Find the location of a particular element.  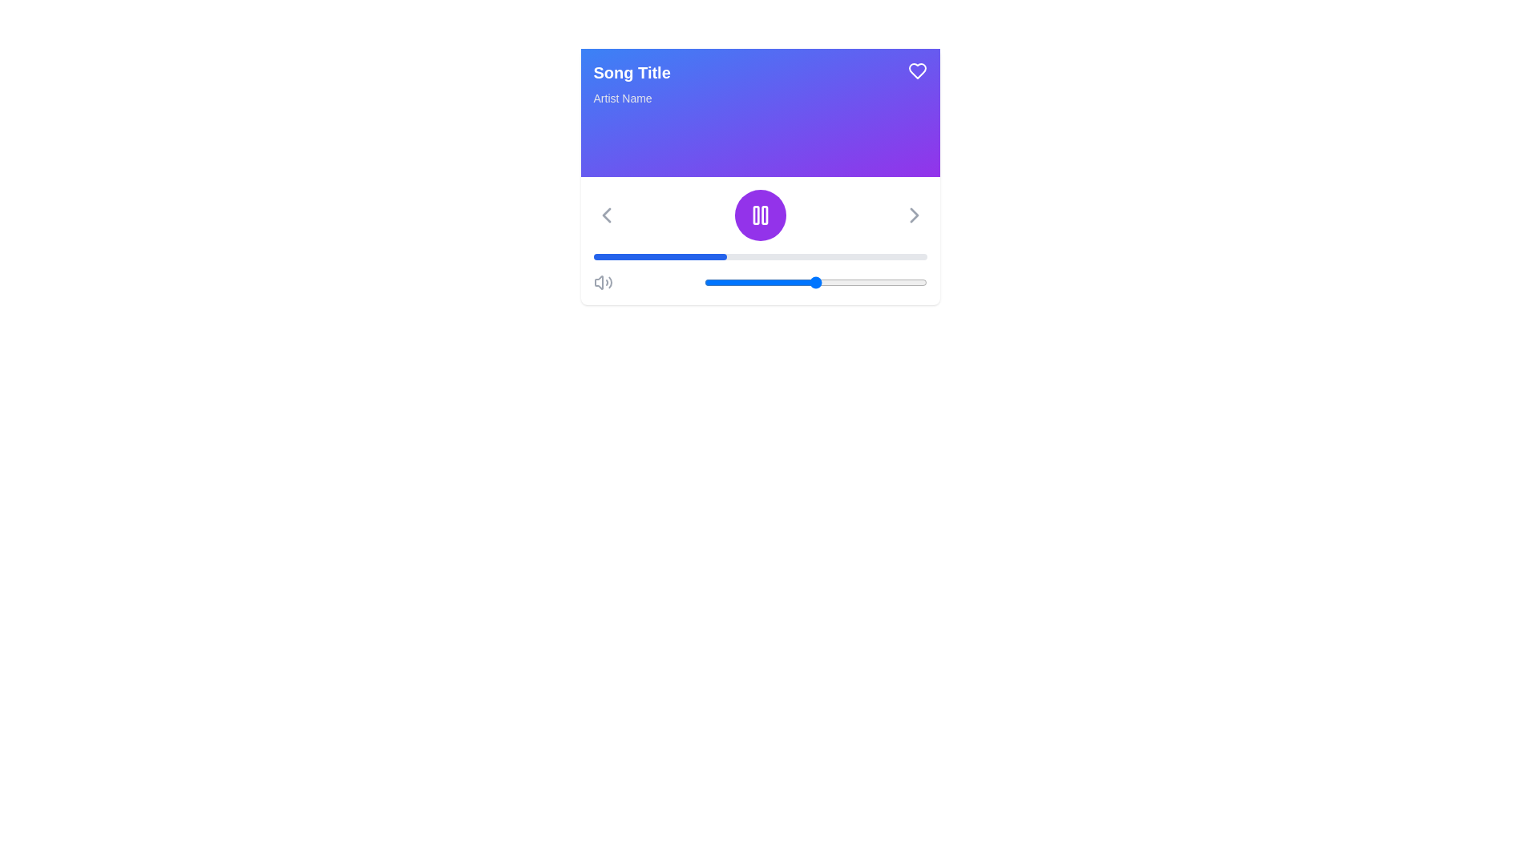

the left-pointing chevron icon in the player control interface is located at coordinates (605, 215).